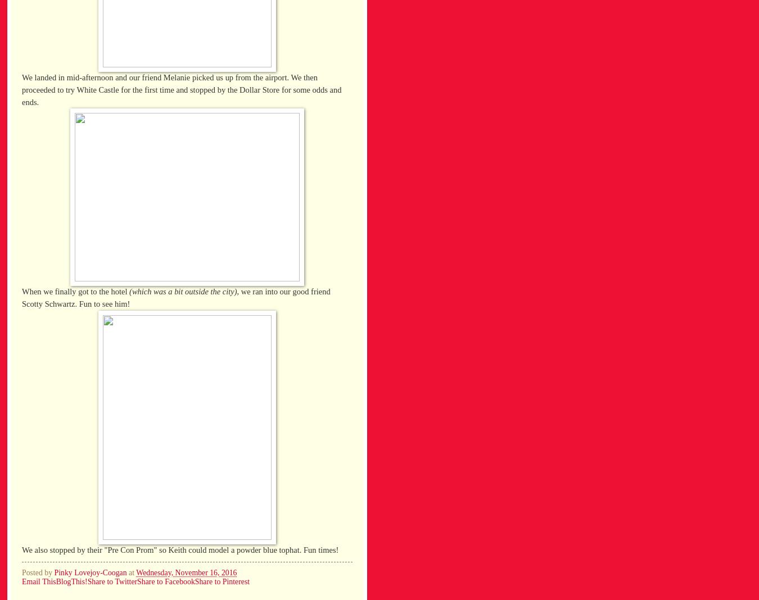  What do you see at coordinates (38, 581) in the screenshot?
I see `'Email This'` at bounding box center [38, 581].